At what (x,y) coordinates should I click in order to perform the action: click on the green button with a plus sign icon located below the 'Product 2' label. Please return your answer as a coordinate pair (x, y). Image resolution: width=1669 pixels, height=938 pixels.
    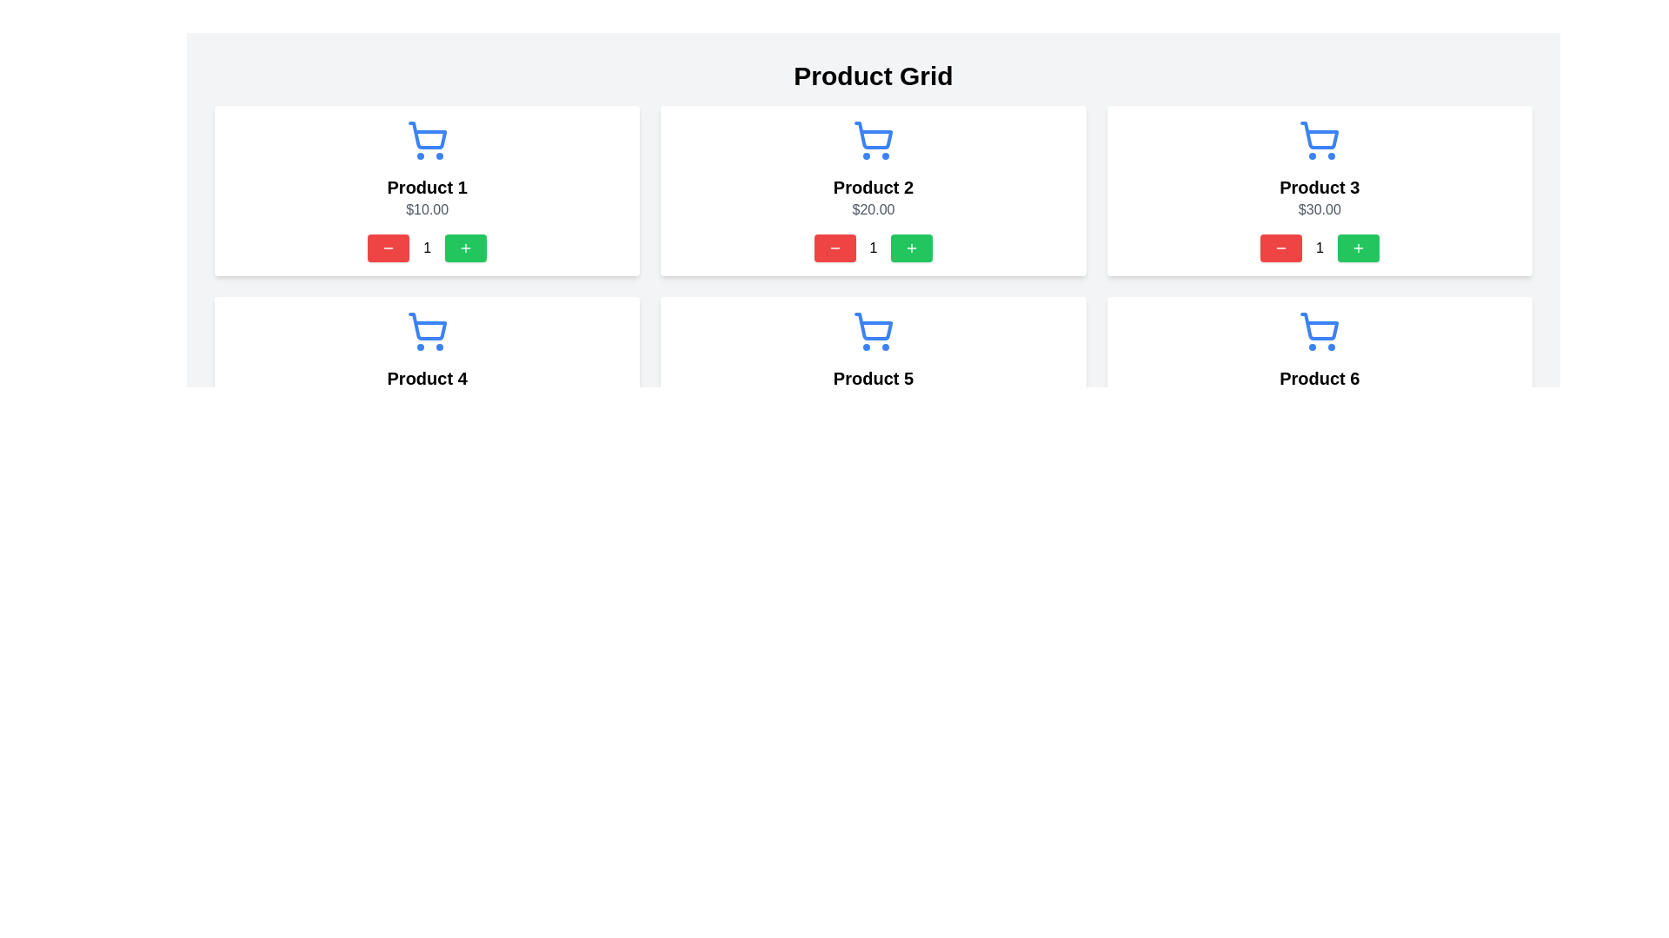
    Looking at the image, I should click on (911, 248).